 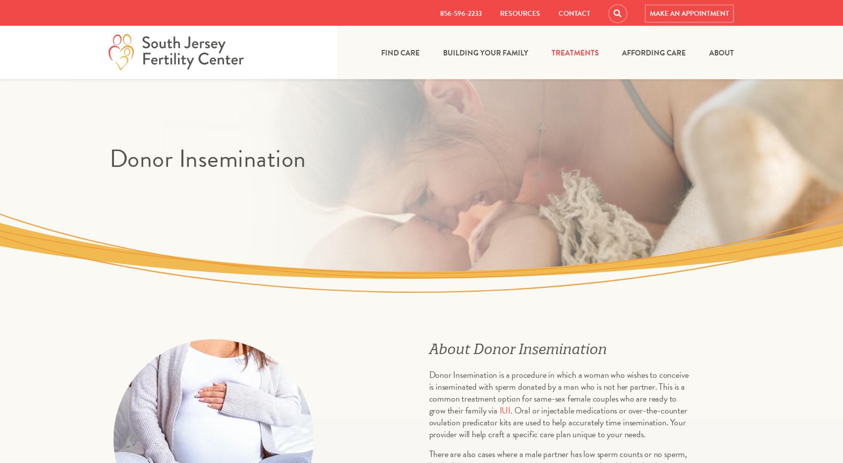 What do you see at coordinates (459, 13) in the screenshot?
I see `'856-596-2233'` at bounding box center [459, 13].